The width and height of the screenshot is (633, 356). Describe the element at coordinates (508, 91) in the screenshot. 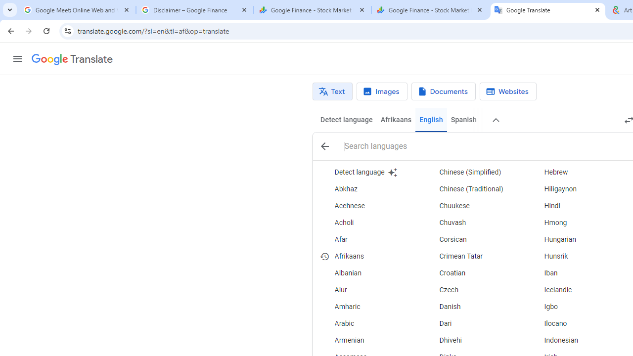

I see `'Website translation'` at that location.